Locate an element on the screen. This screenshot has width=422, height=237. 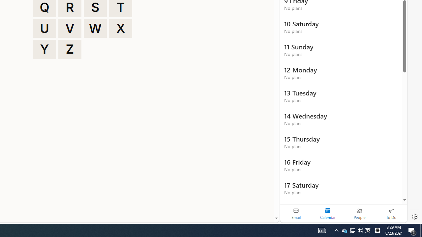
'U' is located at coordinates (44, 28).